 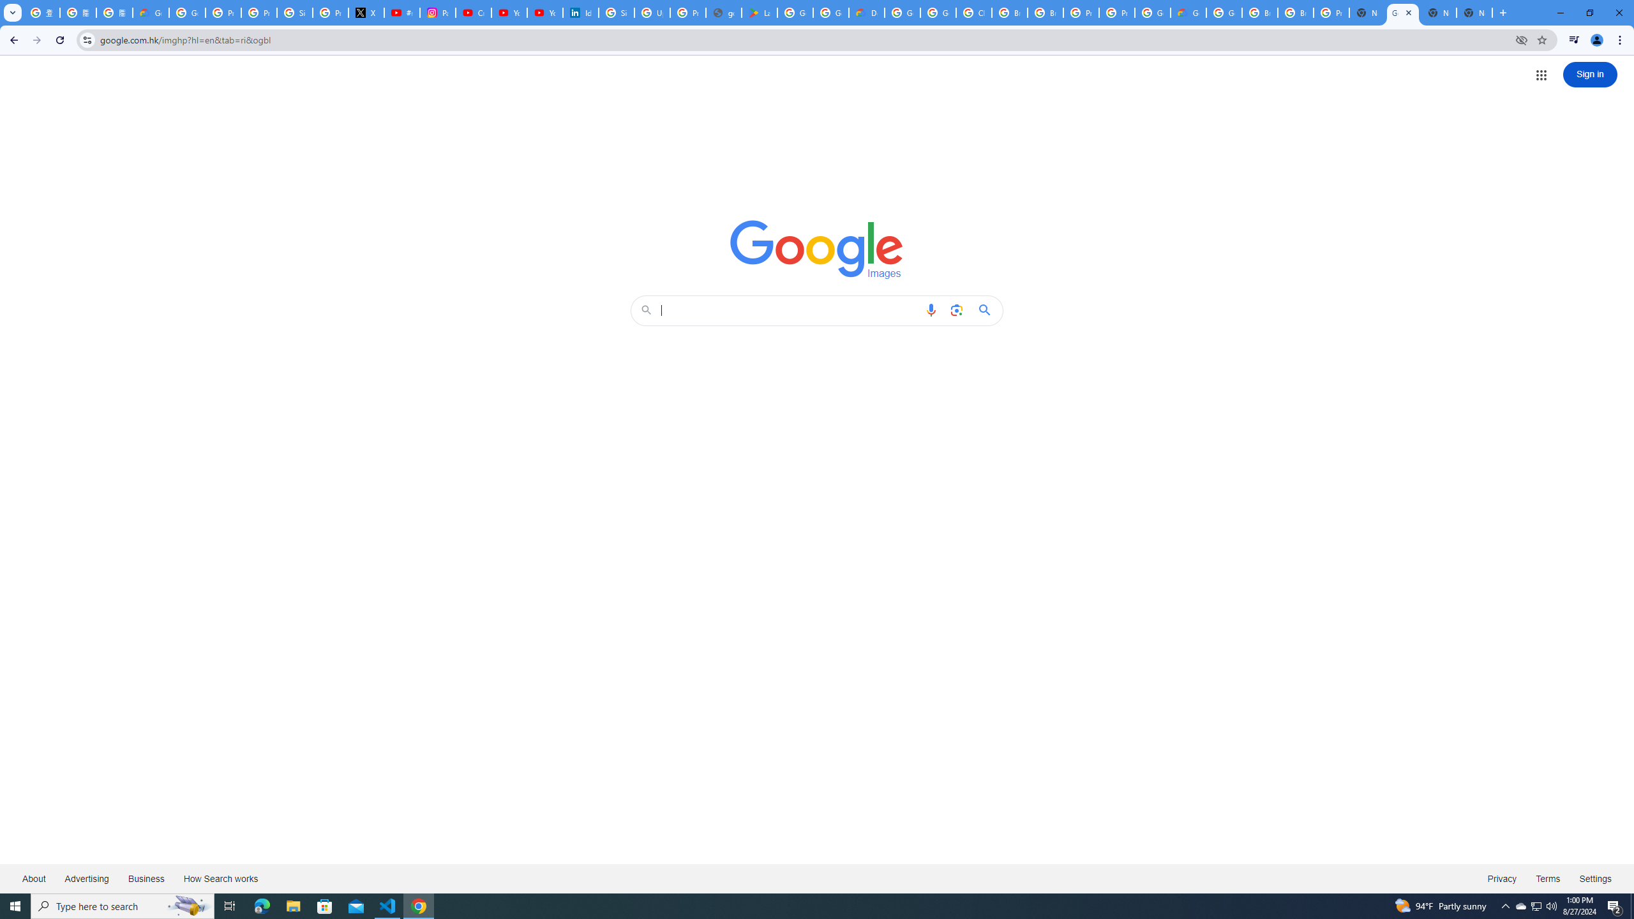 I want to click on '#nbabasketballhighlights - YouTube', so click(x=403, y=12).